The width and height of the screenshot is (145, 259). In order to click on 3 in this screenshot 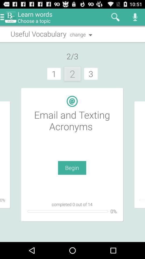, I will do `click(90, 73)`.